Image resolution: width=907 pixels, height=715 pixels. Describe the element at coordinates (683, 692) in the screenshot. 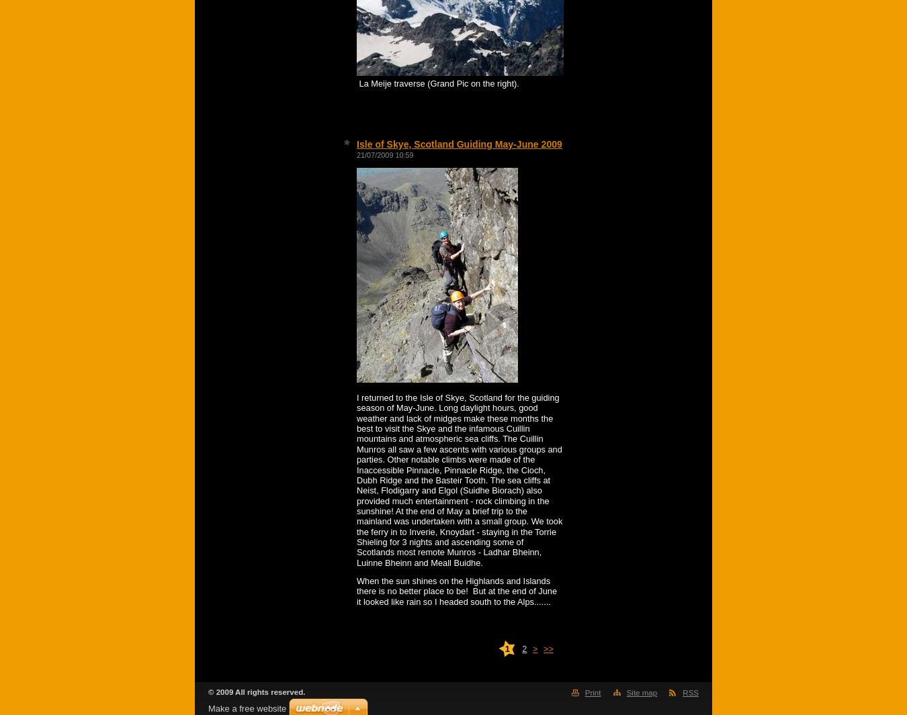

I see `'RSS'` at that location.